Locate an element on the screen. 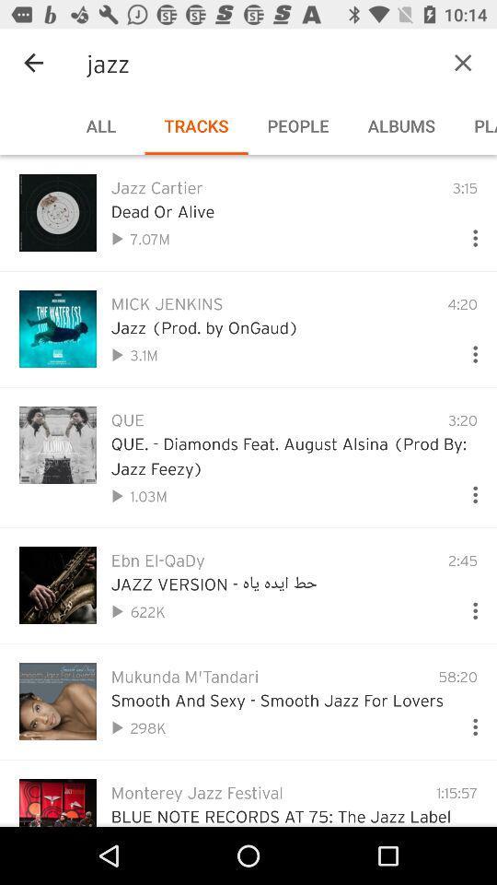 This screenshot has width=497, height=885. more options is located at coordinates (468, 349).